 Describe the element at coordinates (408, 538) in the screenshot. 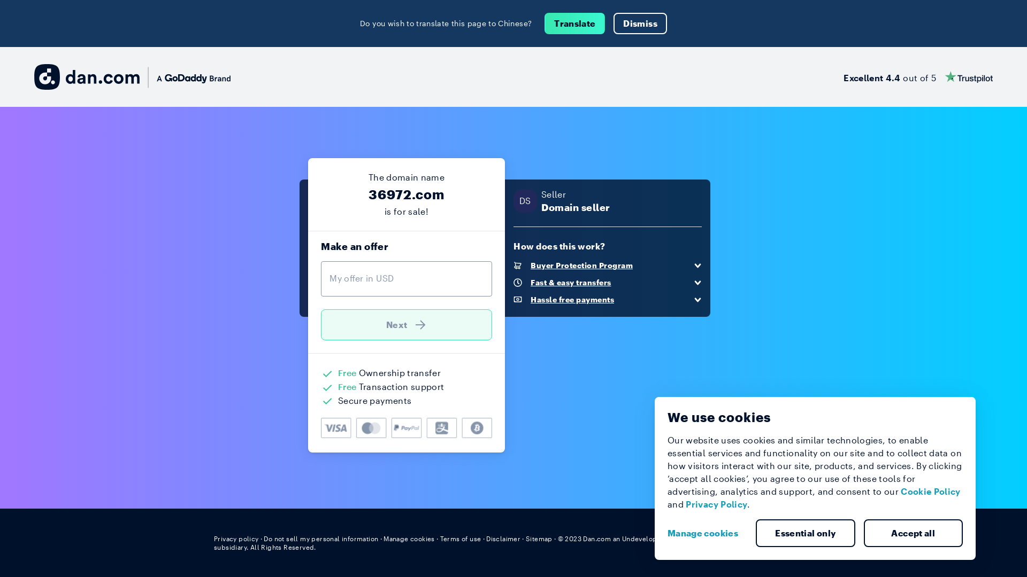

I see `'Manage cookies'` at that location.